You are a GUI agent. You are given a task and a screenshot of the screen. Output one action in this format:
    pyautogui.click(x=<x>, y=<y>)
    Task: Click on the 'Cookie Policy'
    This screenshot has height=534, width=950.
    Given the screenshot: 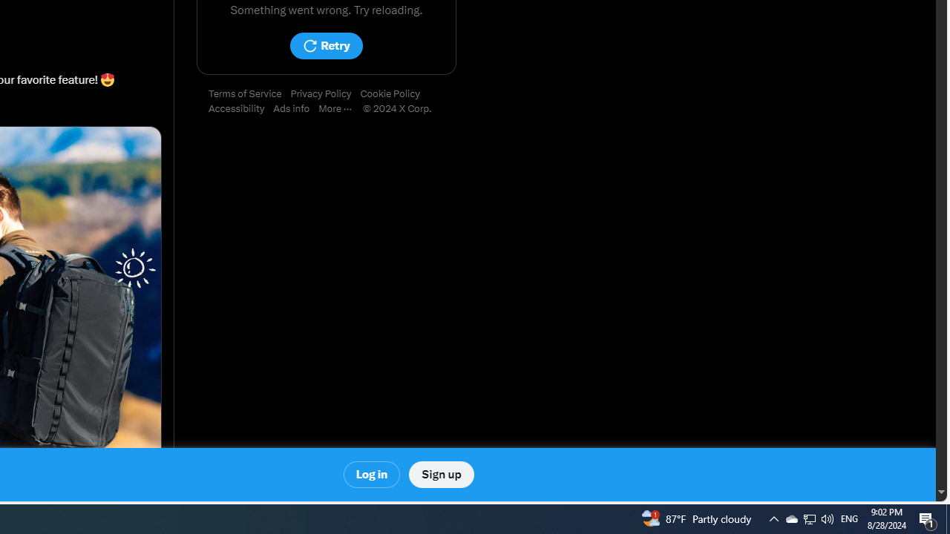 What is the action you would take?
    pyautogui.click(x=394, y=94)
    